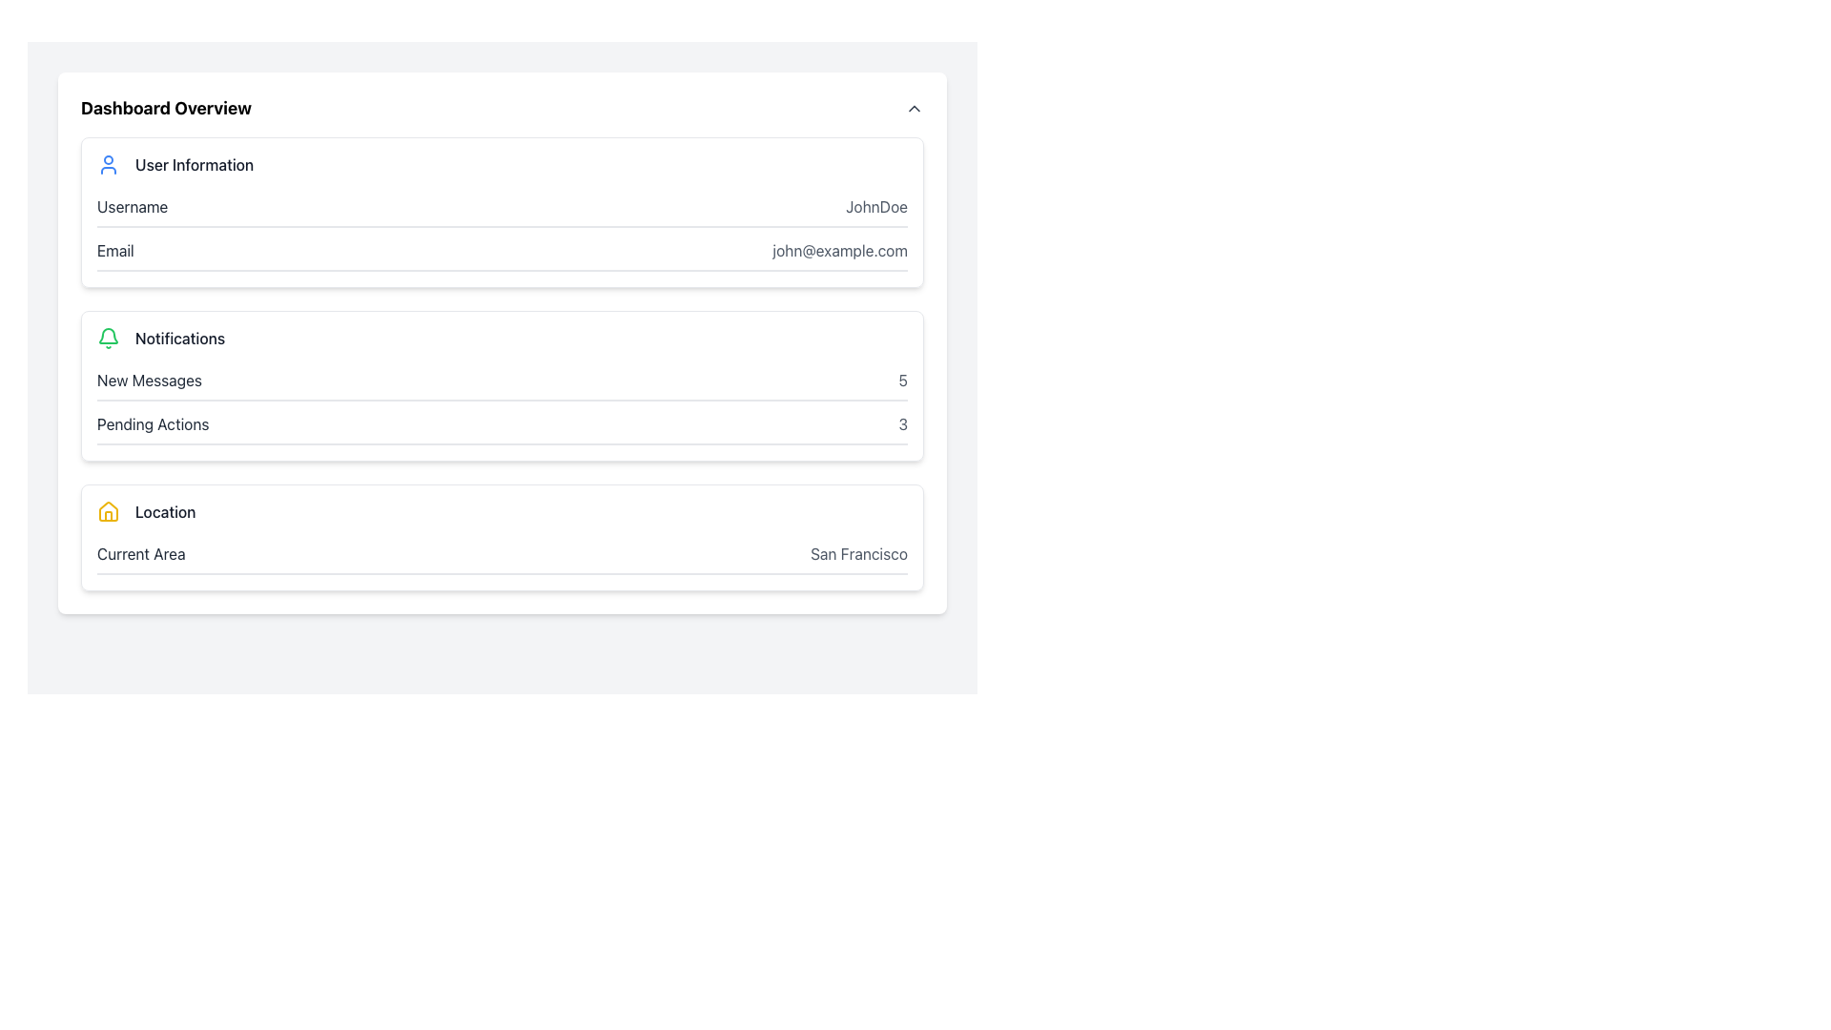 This screenshot has width=1831, height=1030. I want to click on the 'Pending Actions' text label located in the notifications section of the dashboard to read its content, so click(153, 422).